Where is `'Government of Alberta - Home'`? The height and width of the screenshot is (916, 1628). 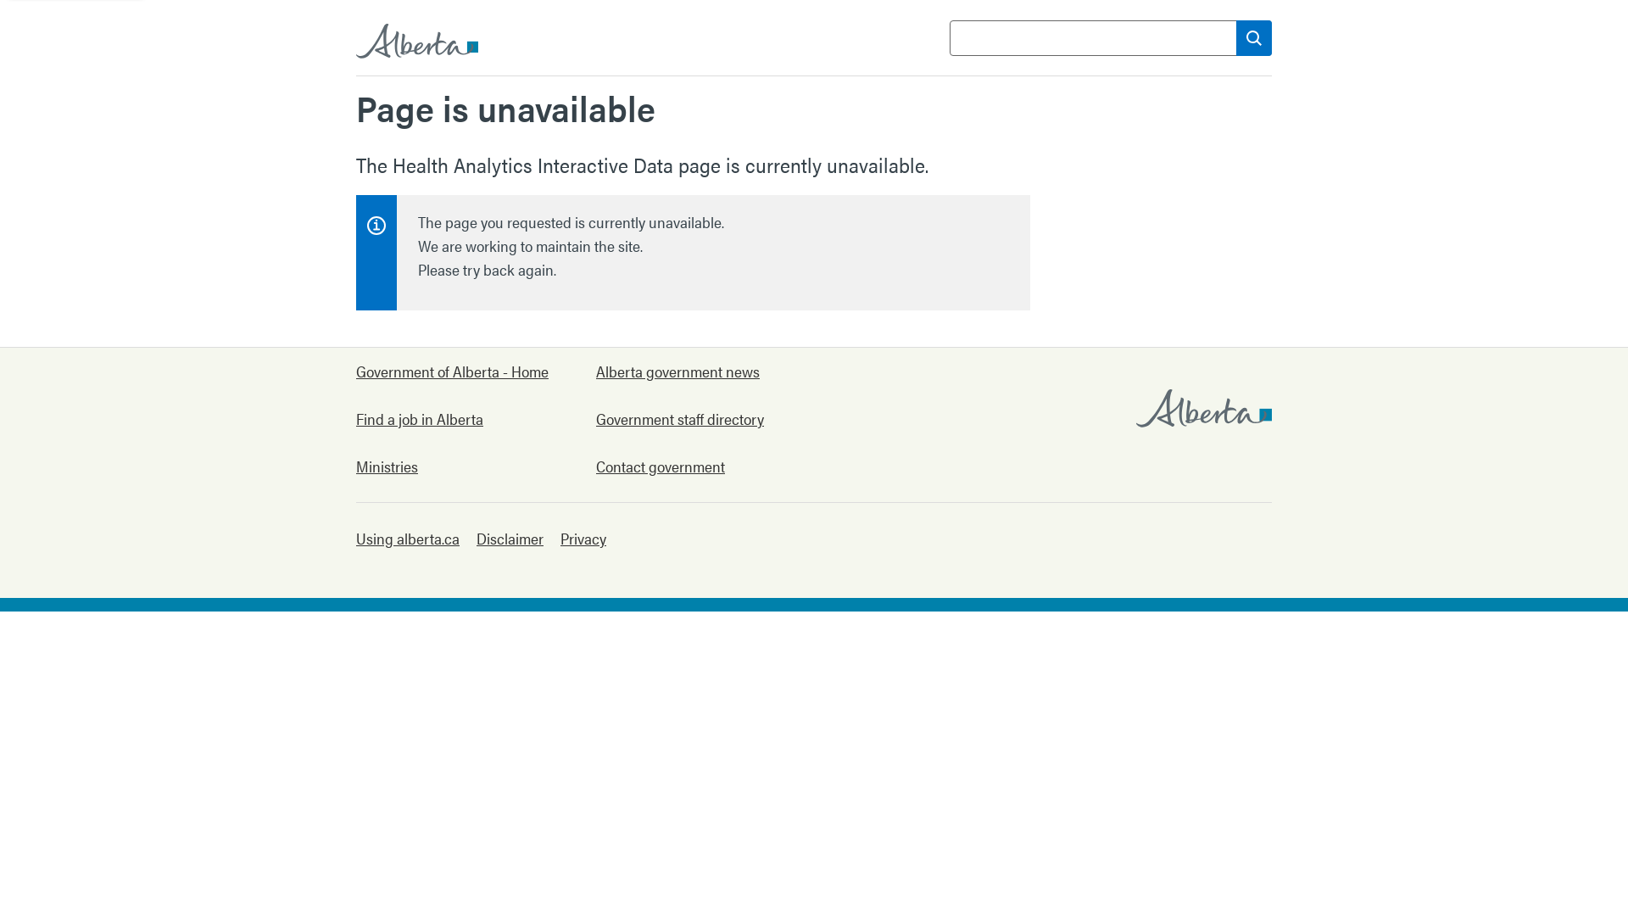
'Government of Alberta - Home' is located at coordinates (355, 371).